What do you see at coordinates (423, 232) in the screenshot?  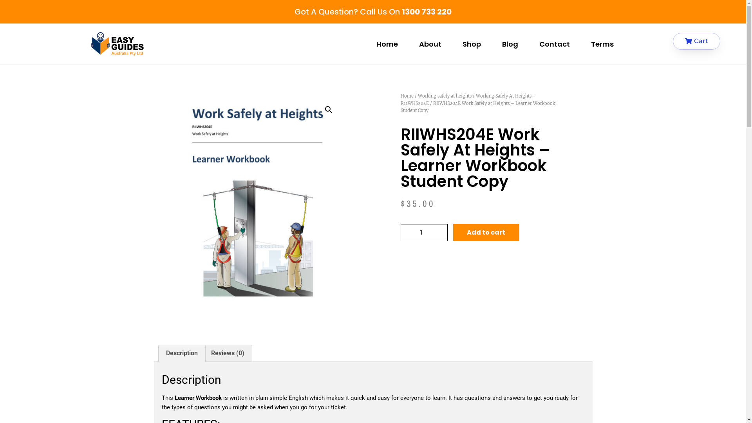 I see `'Qty'` at bounding box center [423, 232].